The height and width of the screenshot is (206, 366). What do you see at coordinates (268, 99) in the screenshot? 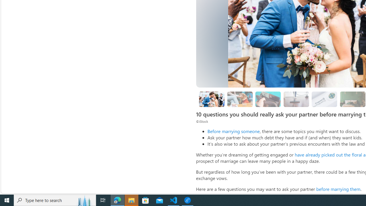
I see `'What kind of debt do you have?'` at bounding box center [268, 99].